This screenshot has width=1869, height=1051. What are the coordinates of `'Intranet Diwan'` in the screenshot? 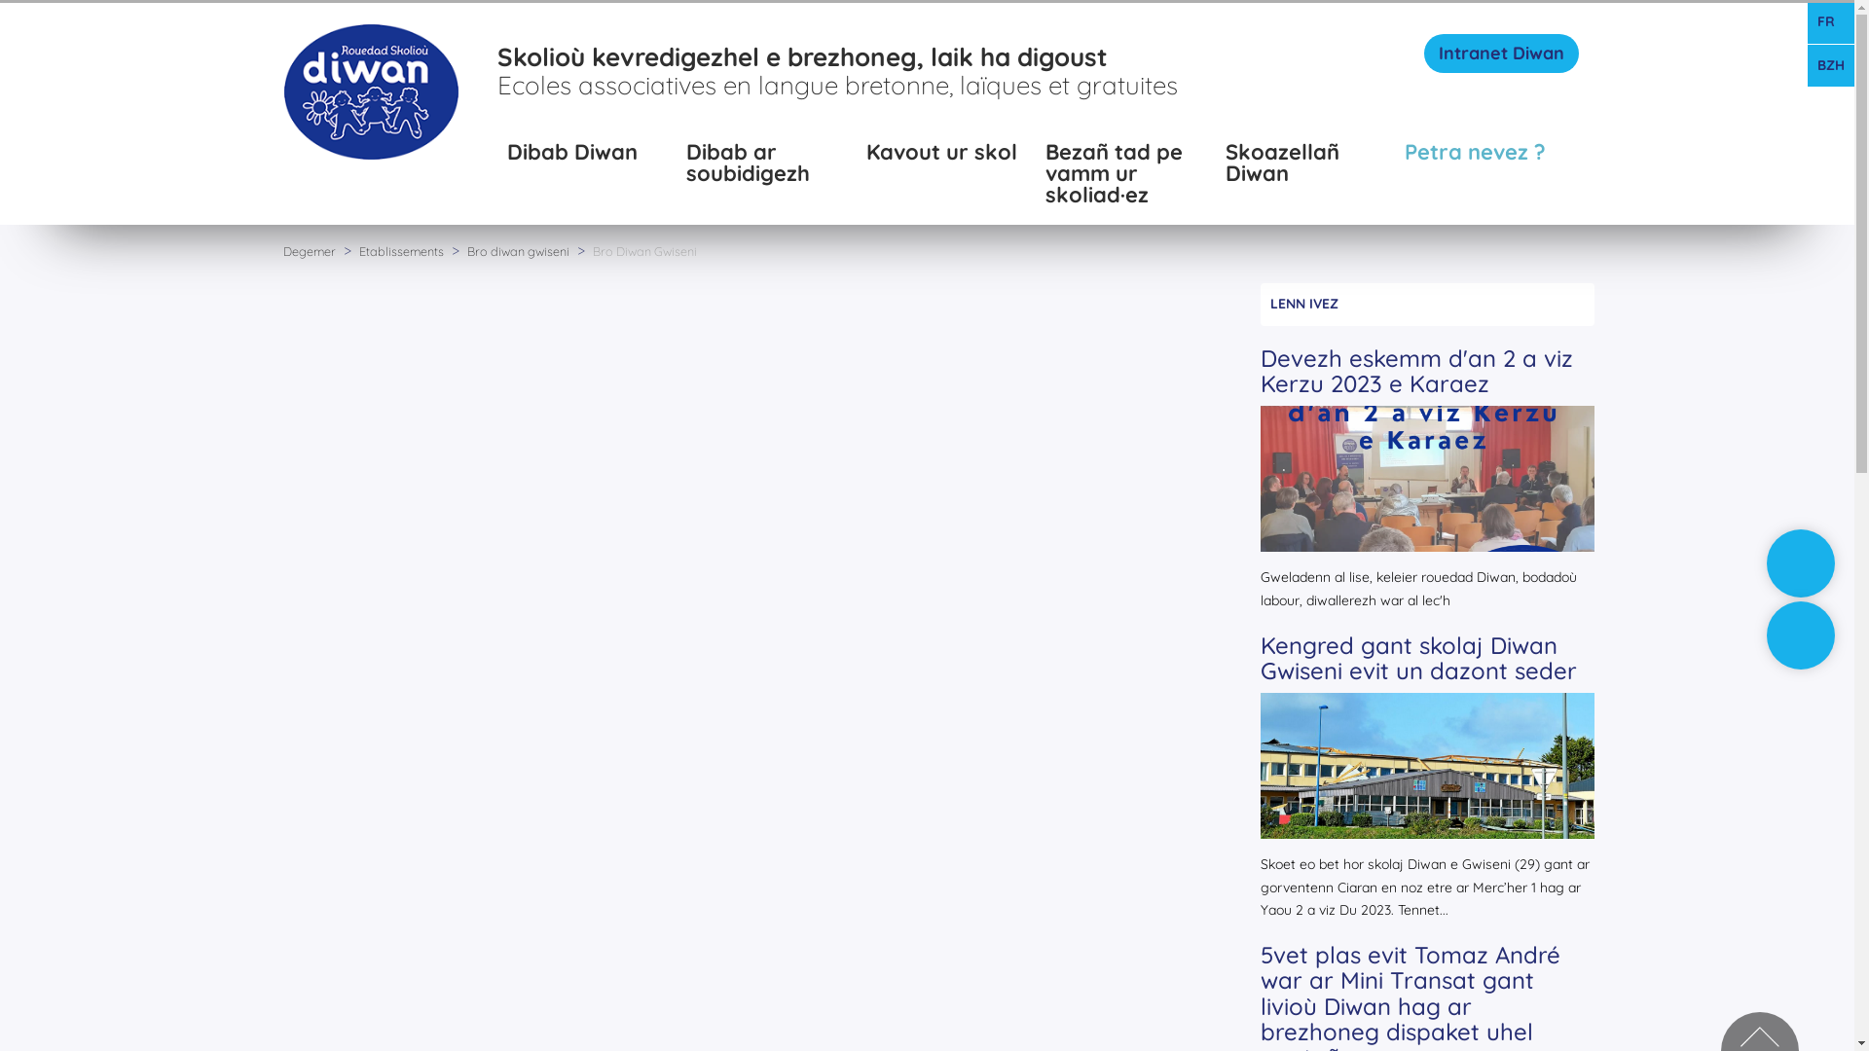 It's located at (1500, 52).